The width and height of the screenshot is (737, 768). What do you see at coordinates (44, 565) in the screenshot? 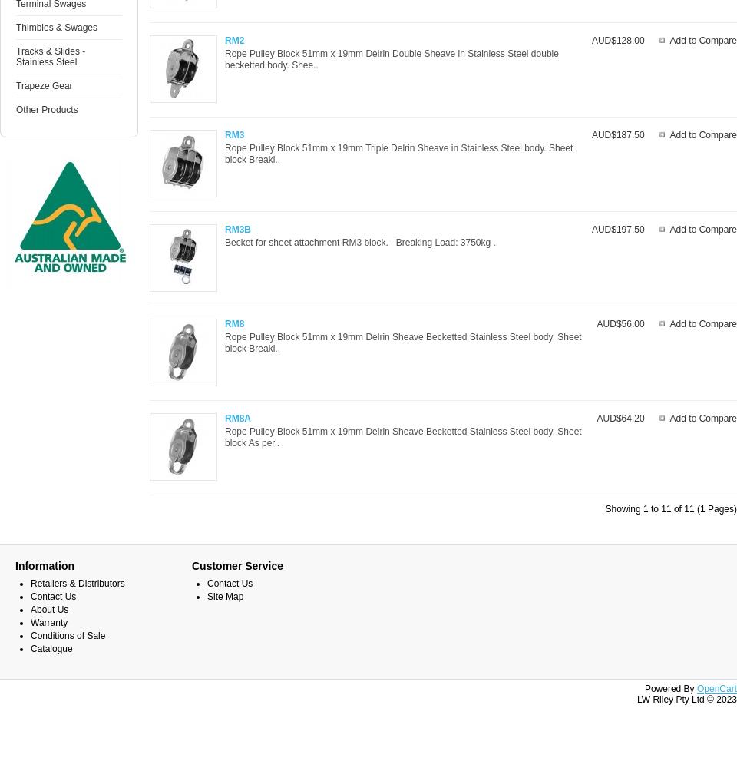
I see `'Information'` at bounding box center [44, 565].